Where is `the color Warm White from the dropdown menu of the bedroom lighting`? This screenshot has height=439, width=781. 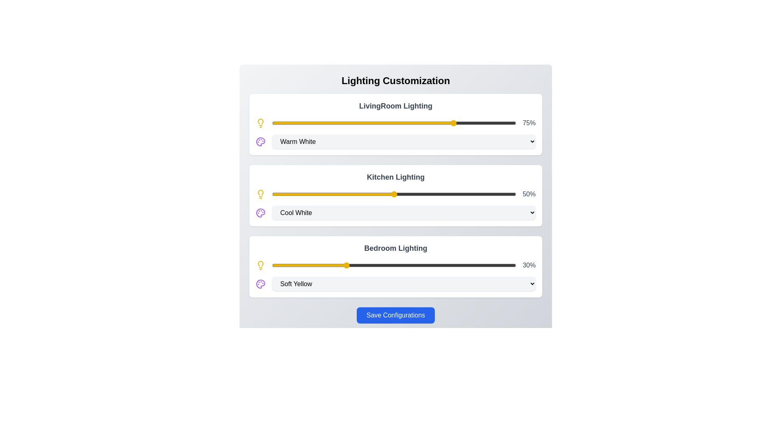 the color Warm White from the dropdown menu of the bedroom lighting is located at coordinates (404, 283).